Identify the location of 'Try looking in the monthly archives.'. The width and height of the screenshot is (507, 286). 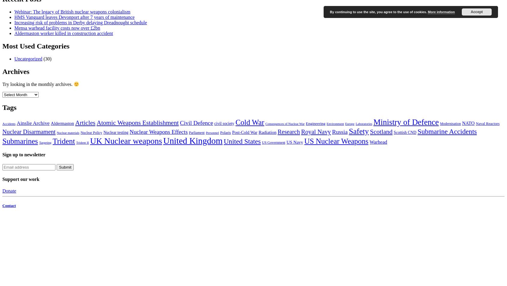
(38, 84).